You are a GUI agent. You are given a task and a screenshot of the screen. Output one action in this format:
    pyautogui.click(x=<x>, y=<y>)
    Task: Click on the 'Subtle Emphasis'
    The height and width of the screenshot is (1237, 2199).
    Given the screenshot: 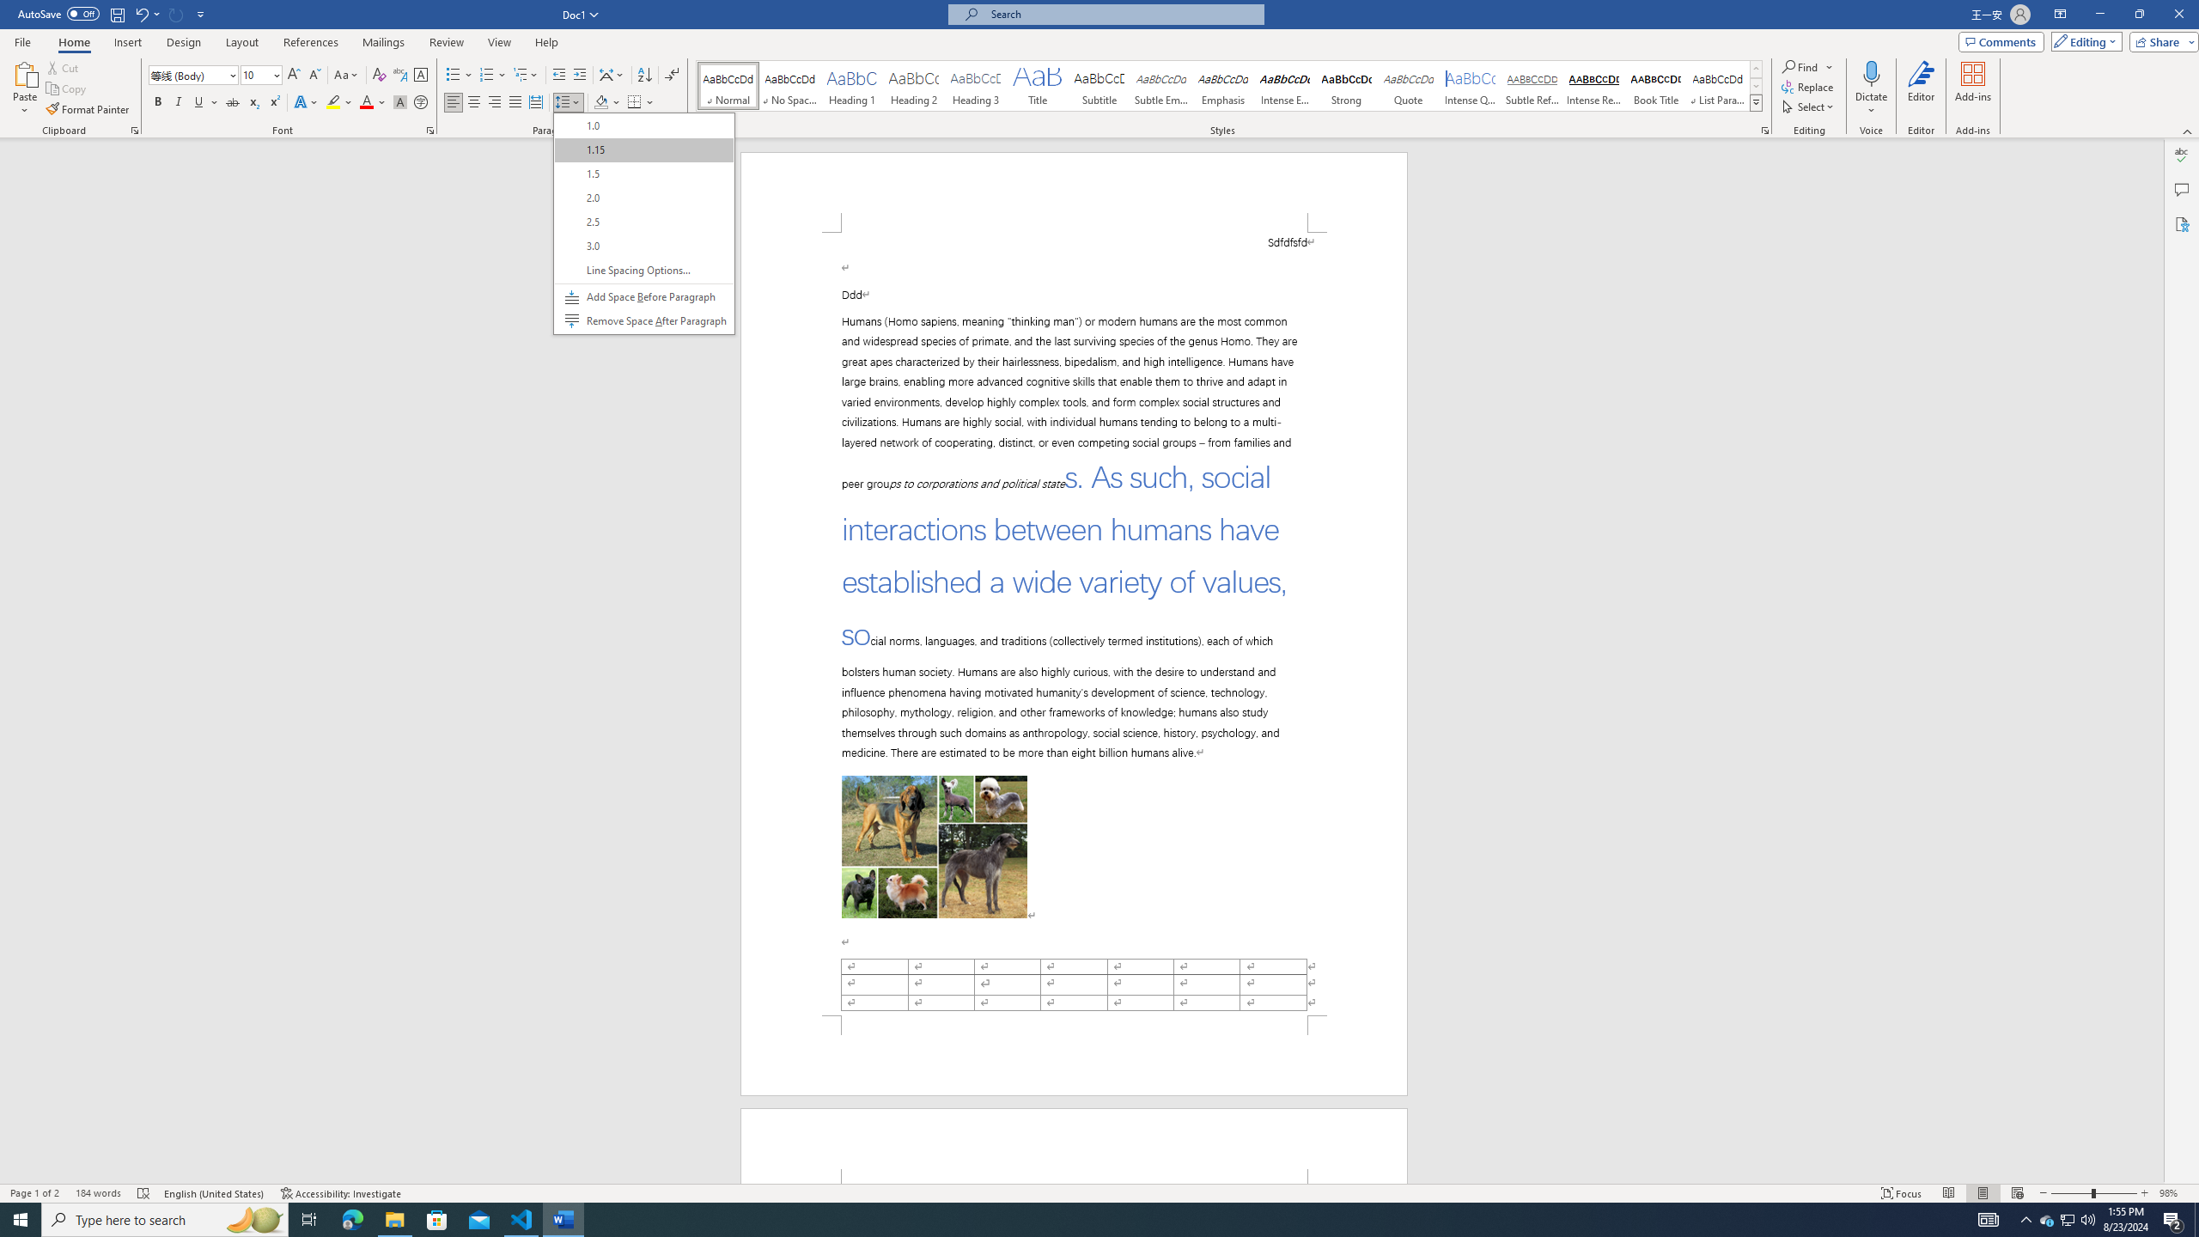 What is the action you would take?
    pyautogui.click(x=1160, y=85)
    